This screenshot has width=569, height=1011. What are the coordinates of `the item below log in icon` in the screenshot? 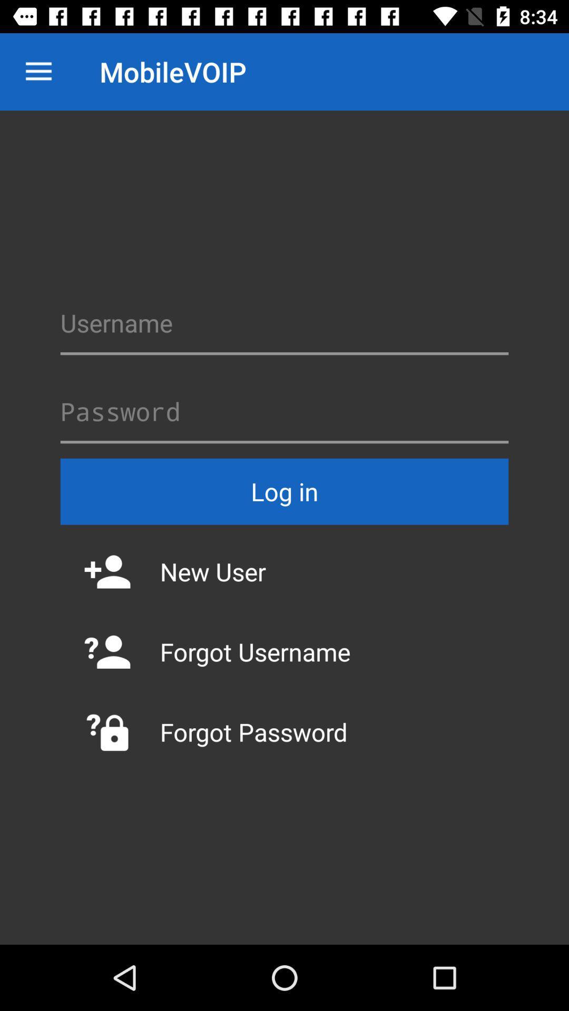 It's located at (284, 571).